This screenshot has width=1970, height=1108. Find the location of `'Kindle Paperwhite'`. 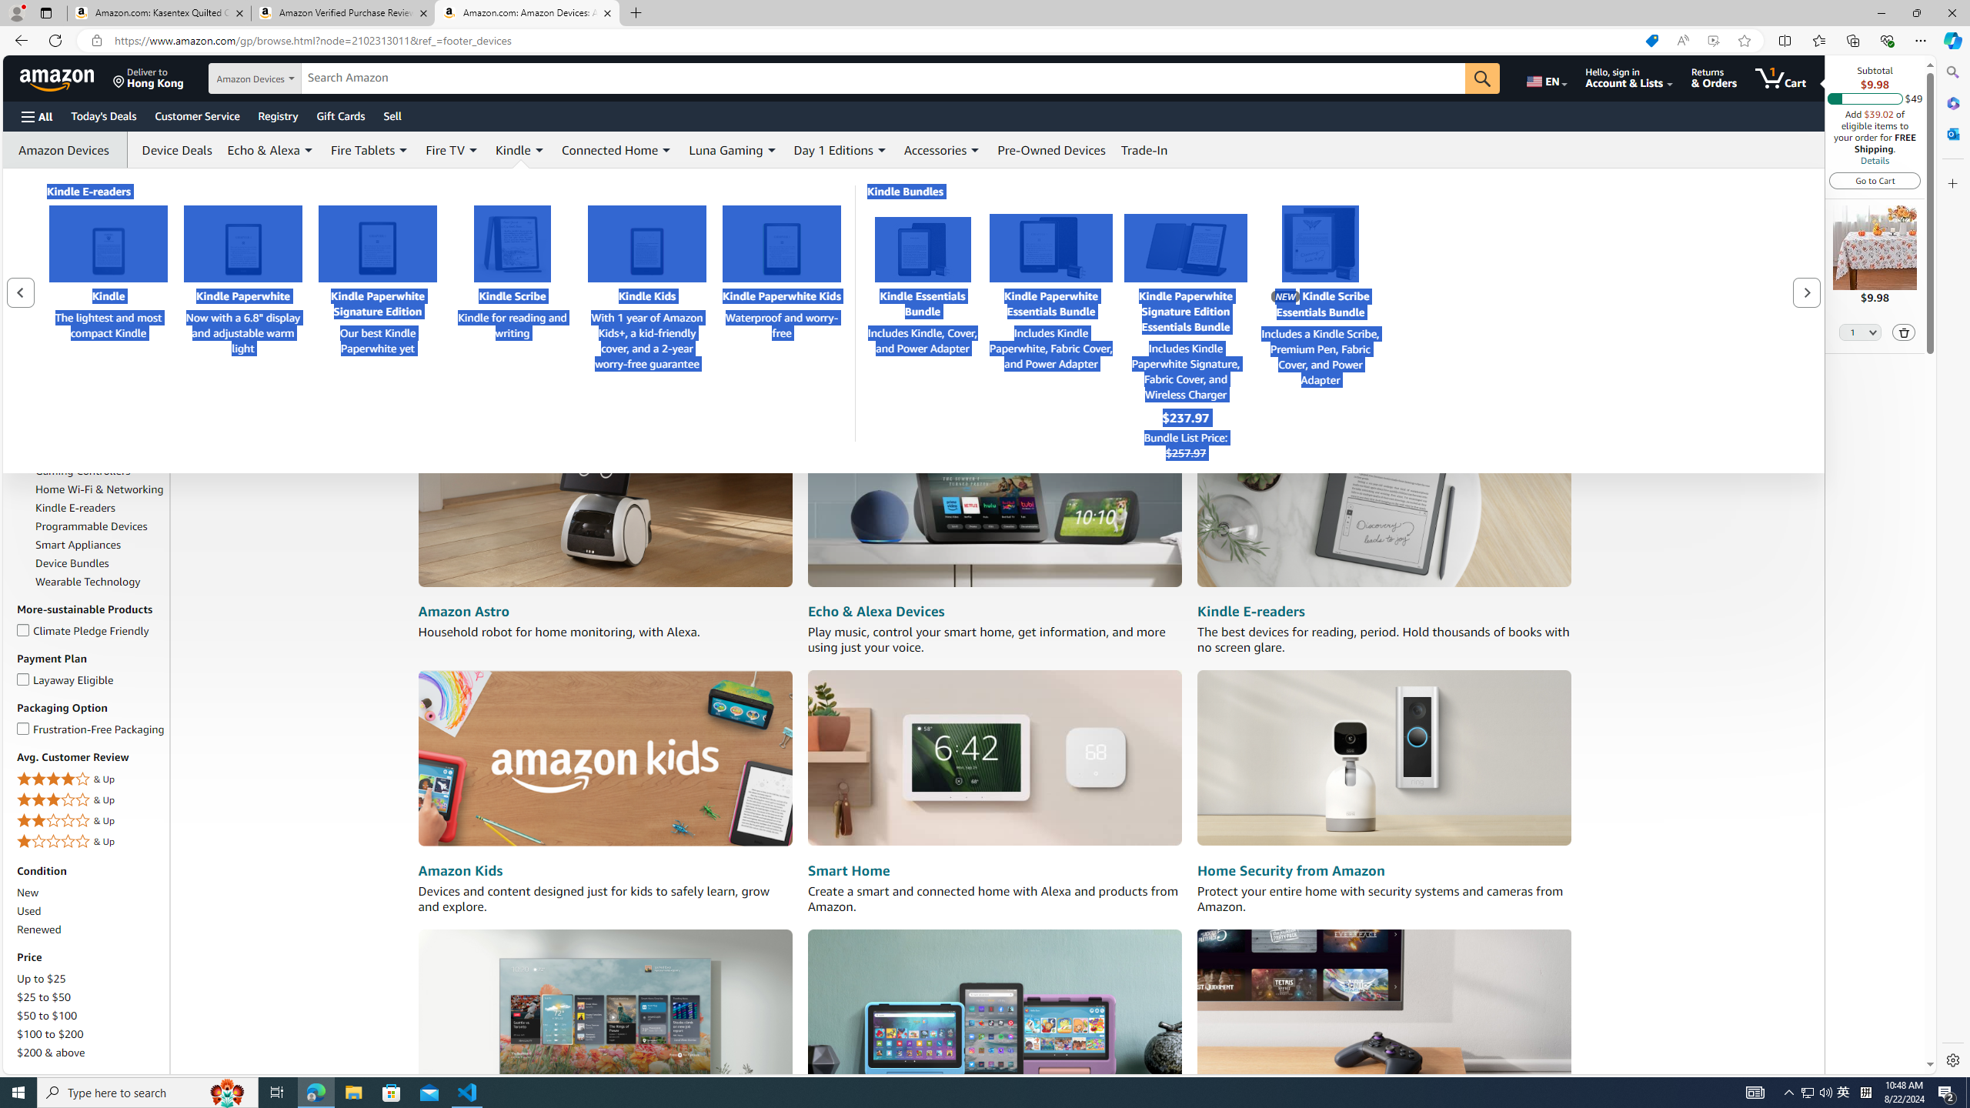

'Kindle Paperwhite' is located at coordinates (242, 242).